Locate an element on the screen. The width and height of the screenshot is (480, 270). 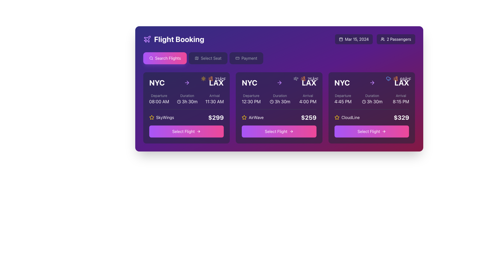
the clock icon representing the duration, which is visually associated with the label '3h 30m' is located at coordinates (364, 101).